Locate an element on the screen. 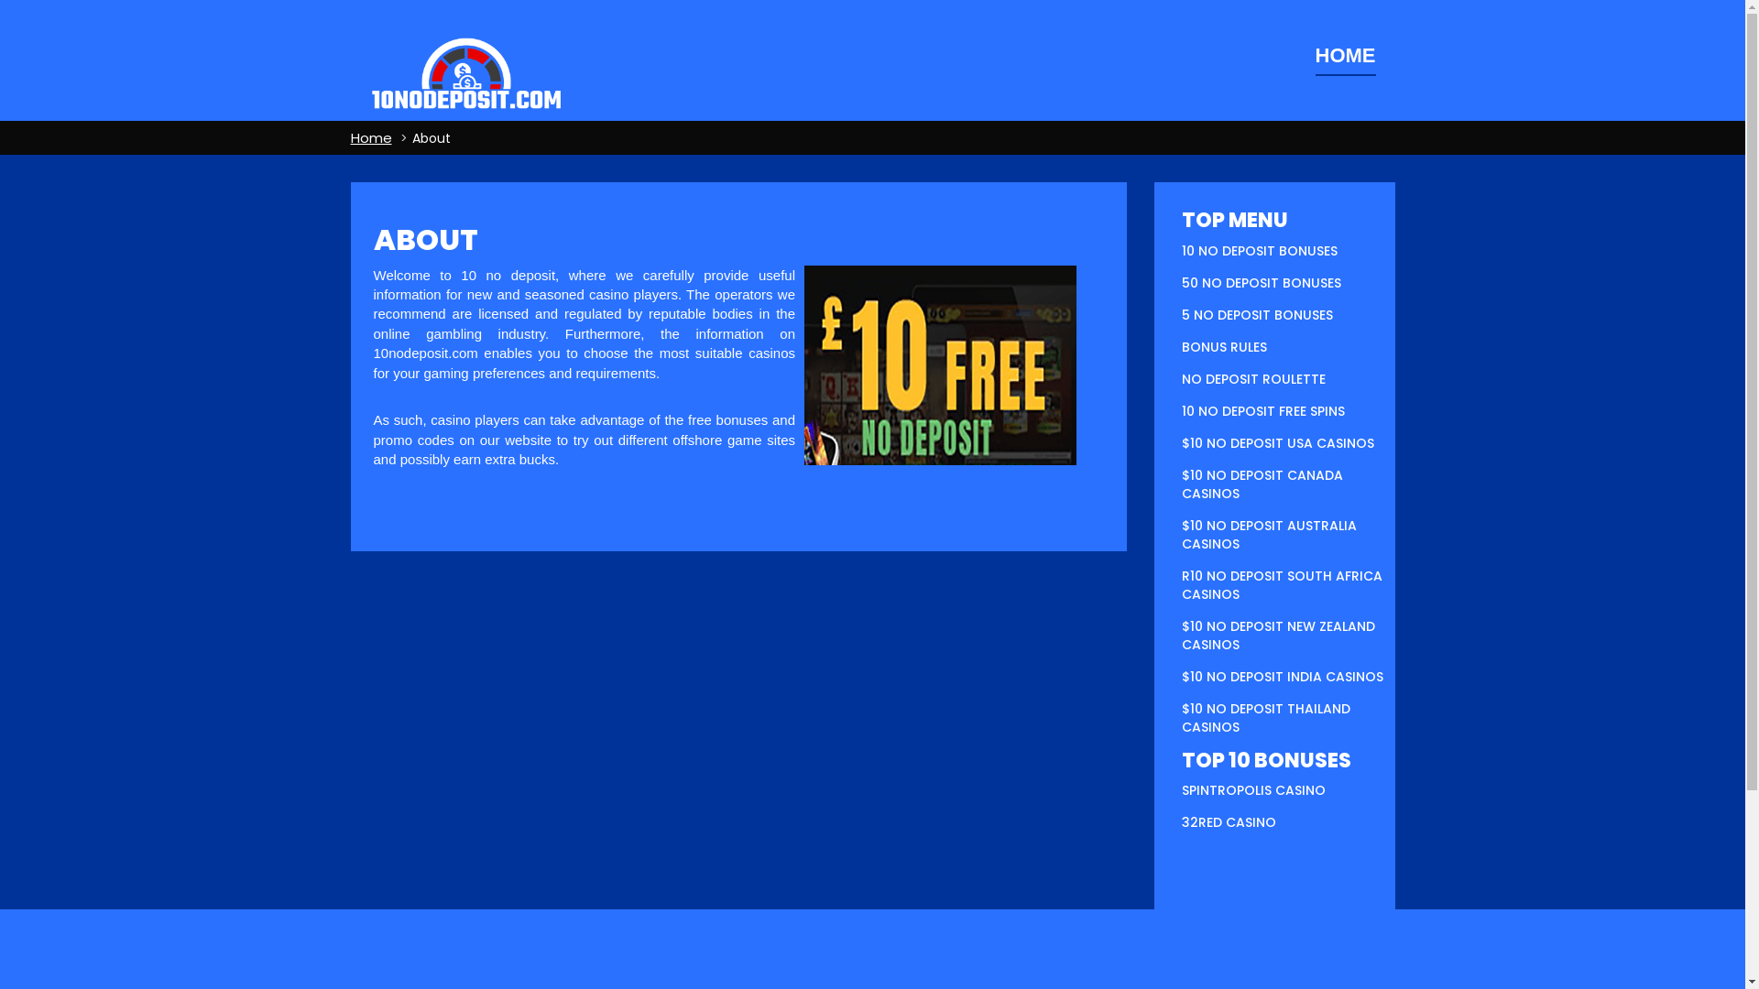 This screenshot has width=1759, height=989. '5 NO DEPOSIT BONUSES' is located at coordinates (1182, 313).